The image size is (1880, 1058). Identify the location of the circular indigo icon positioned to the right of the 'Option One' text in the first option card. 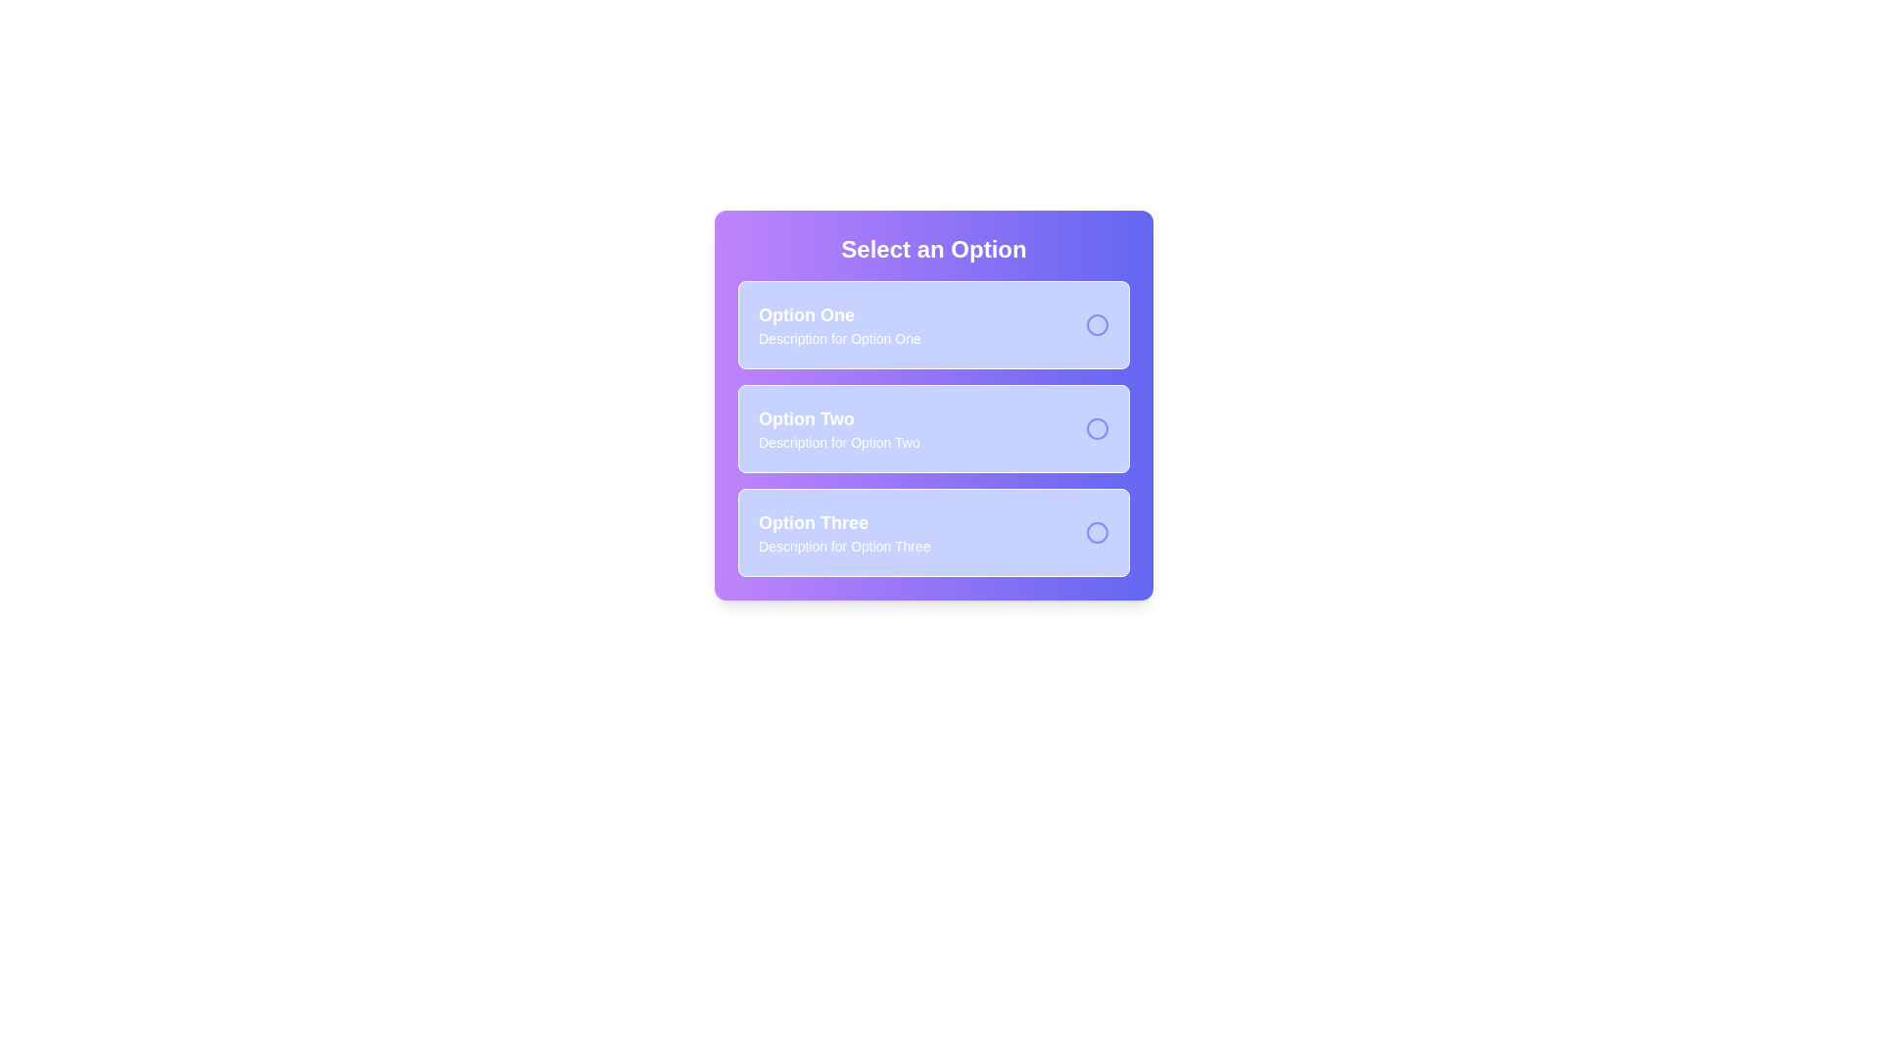
(1098, 323).